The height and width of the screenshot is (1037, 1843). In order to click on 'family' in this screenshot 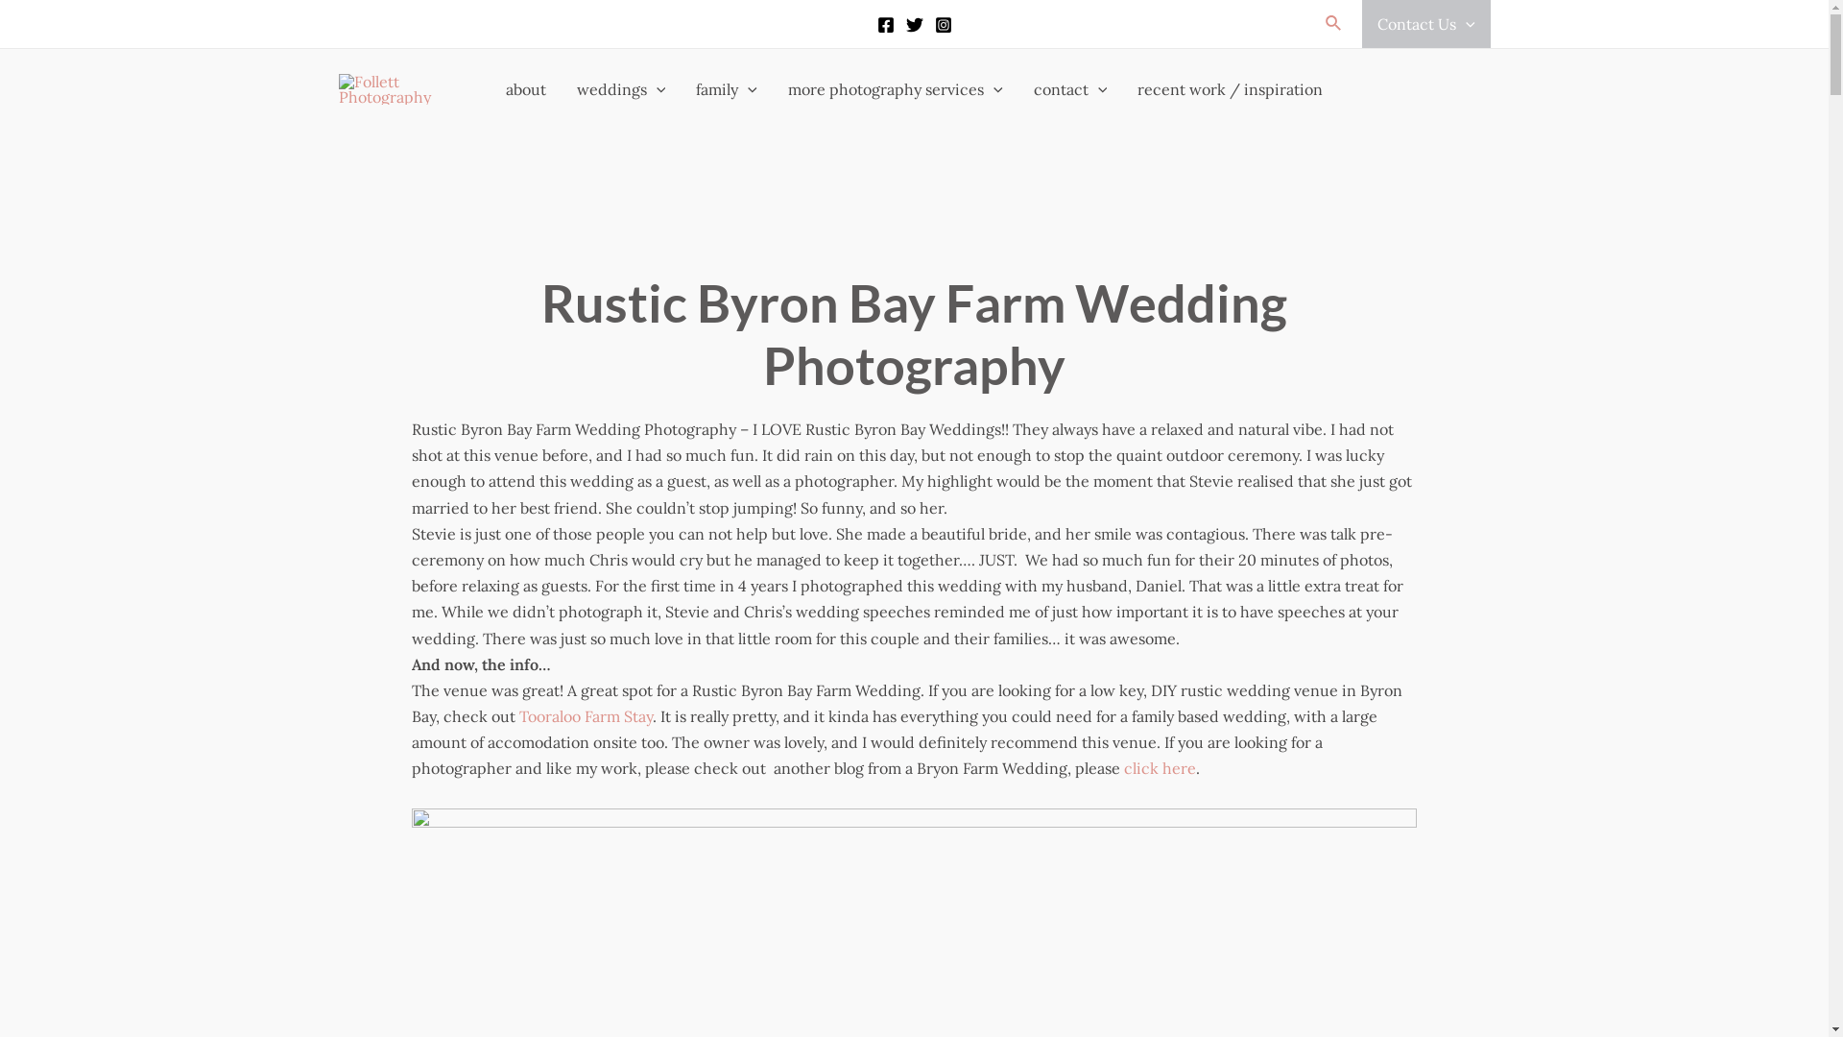, I will do `click(726, 88)`.